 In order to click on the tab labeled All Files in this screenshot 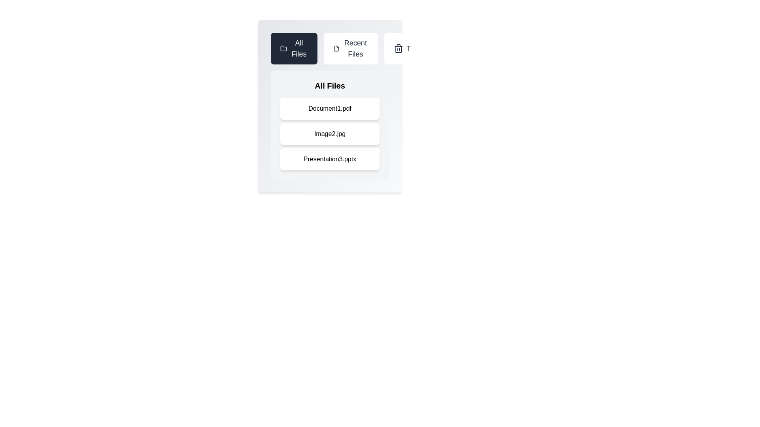, I will do `click(294, 49)`.